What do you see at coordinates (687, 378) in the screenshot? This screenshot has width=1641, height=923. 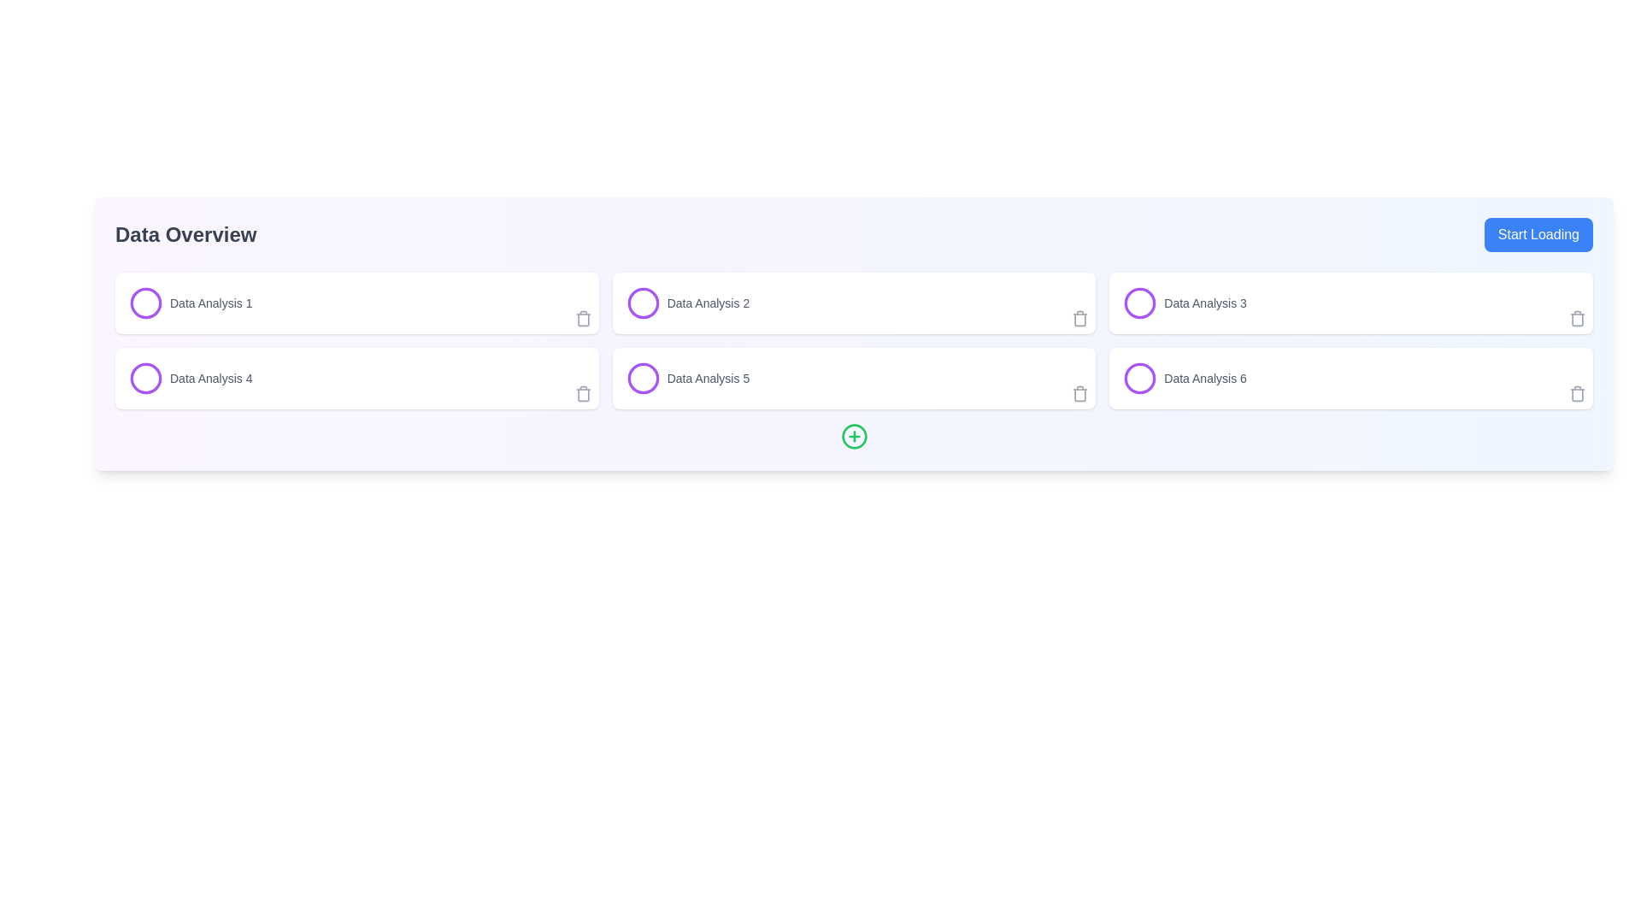 I see `the button-like selectable item labeled 'Data Analysis 5', which features a purple circular icon and is positioned in the second row, second column of a grid layout` at bounding box center [687, 378].